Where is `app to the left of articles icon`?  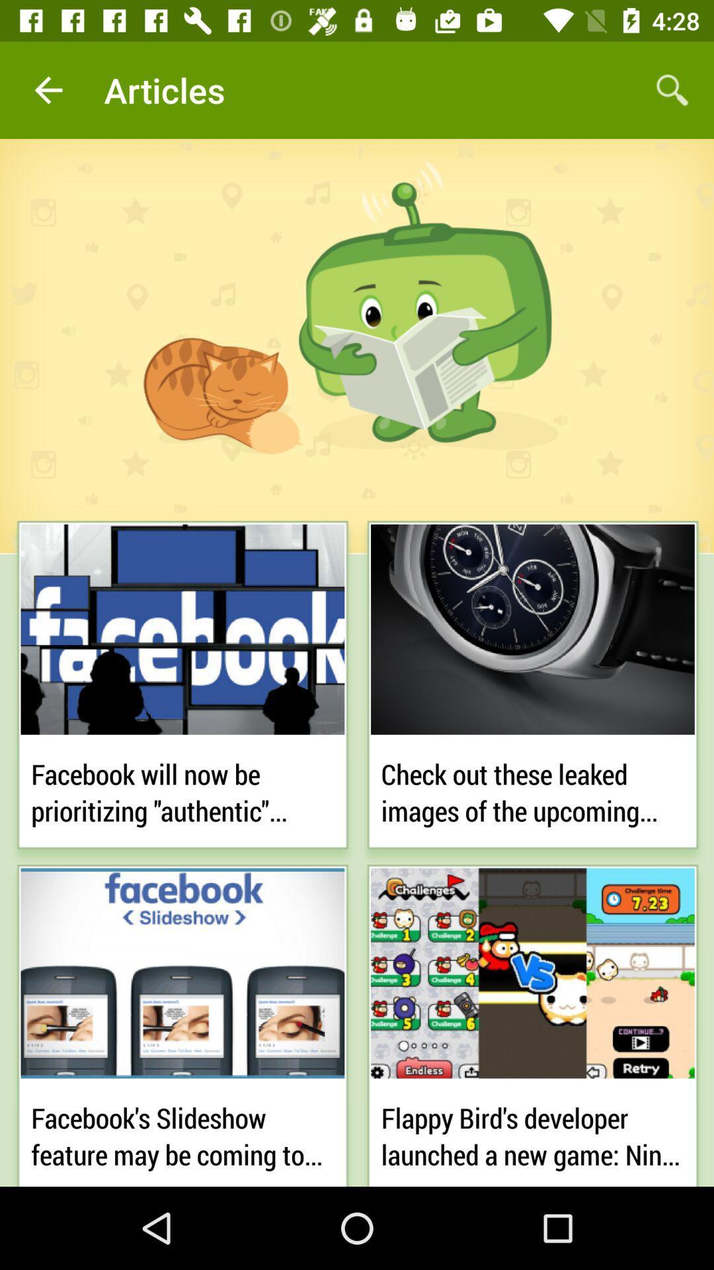 app to the left of articles icon is located at coordinates (48, 89).